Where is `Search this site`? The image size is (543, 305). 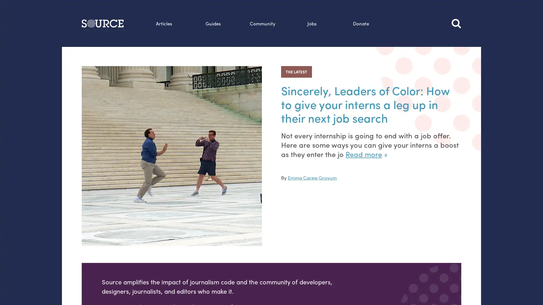
Search this site is located at coordinates (62, 47).